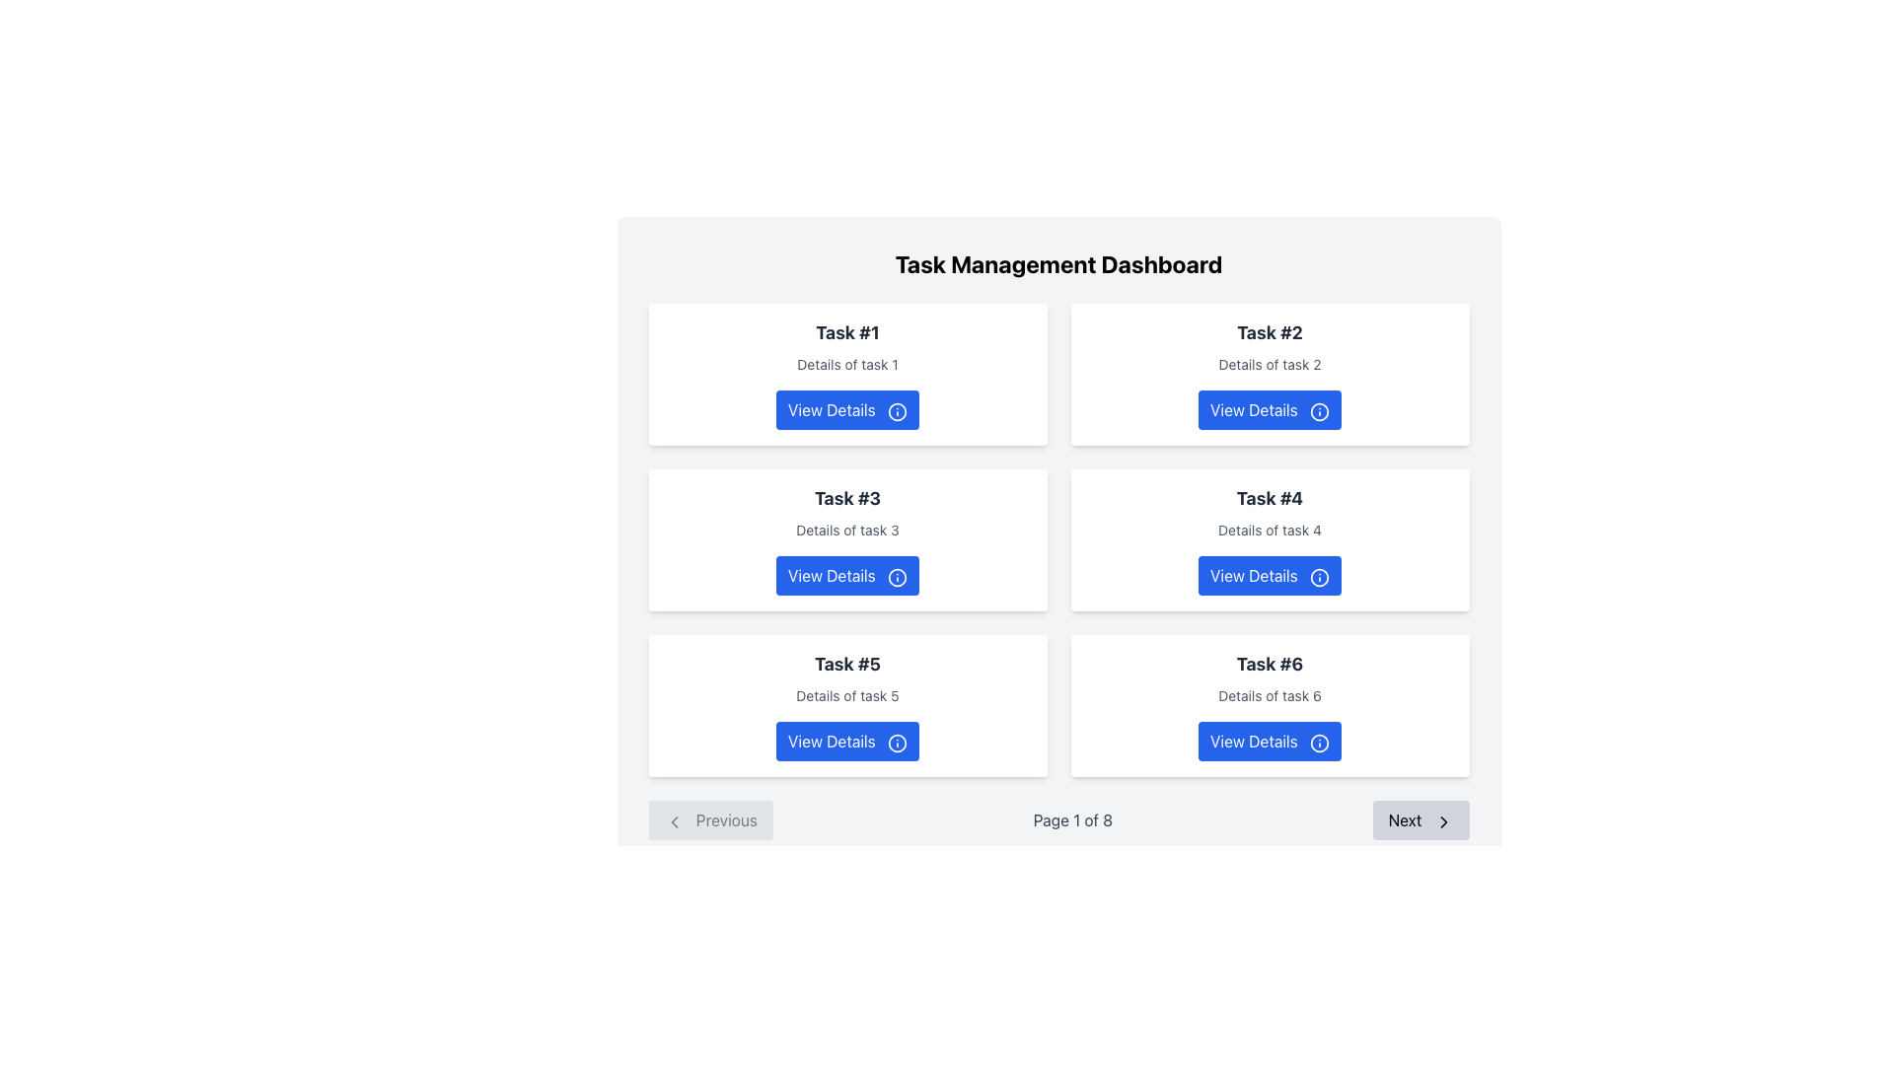 The height and width of the screenshot is (1065, 1894). Describe the element at coordinates (1320, 743) in the screenshot. I see `the icon located at the bottom-right corner of the 'View Details' button on the task card for 'Task #6'` at that location.